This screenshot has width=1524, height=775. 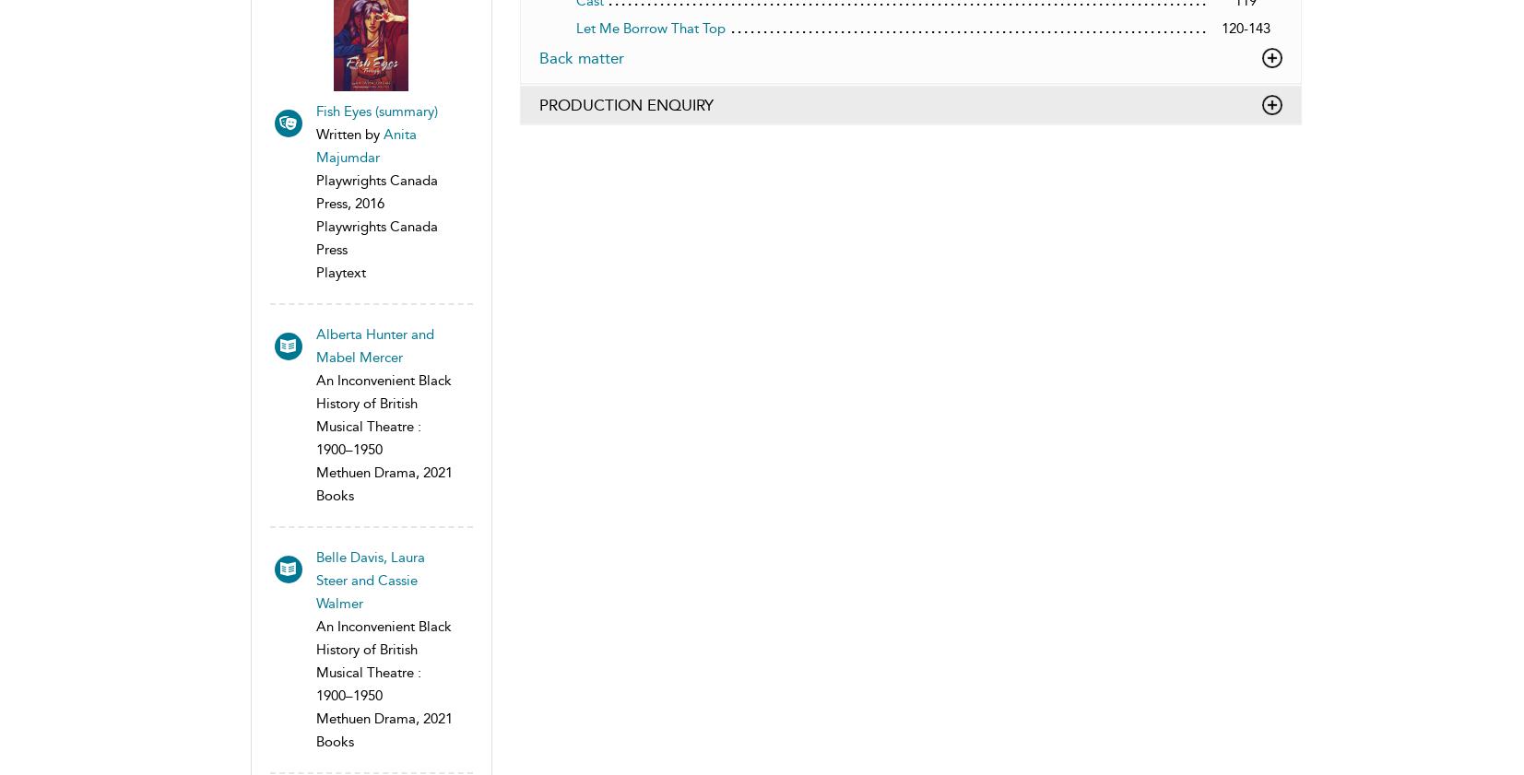 What do you see at coordinates (1245, 28) in the screenshot?
I see `'120-143'` at bounding box center [1245, 28].